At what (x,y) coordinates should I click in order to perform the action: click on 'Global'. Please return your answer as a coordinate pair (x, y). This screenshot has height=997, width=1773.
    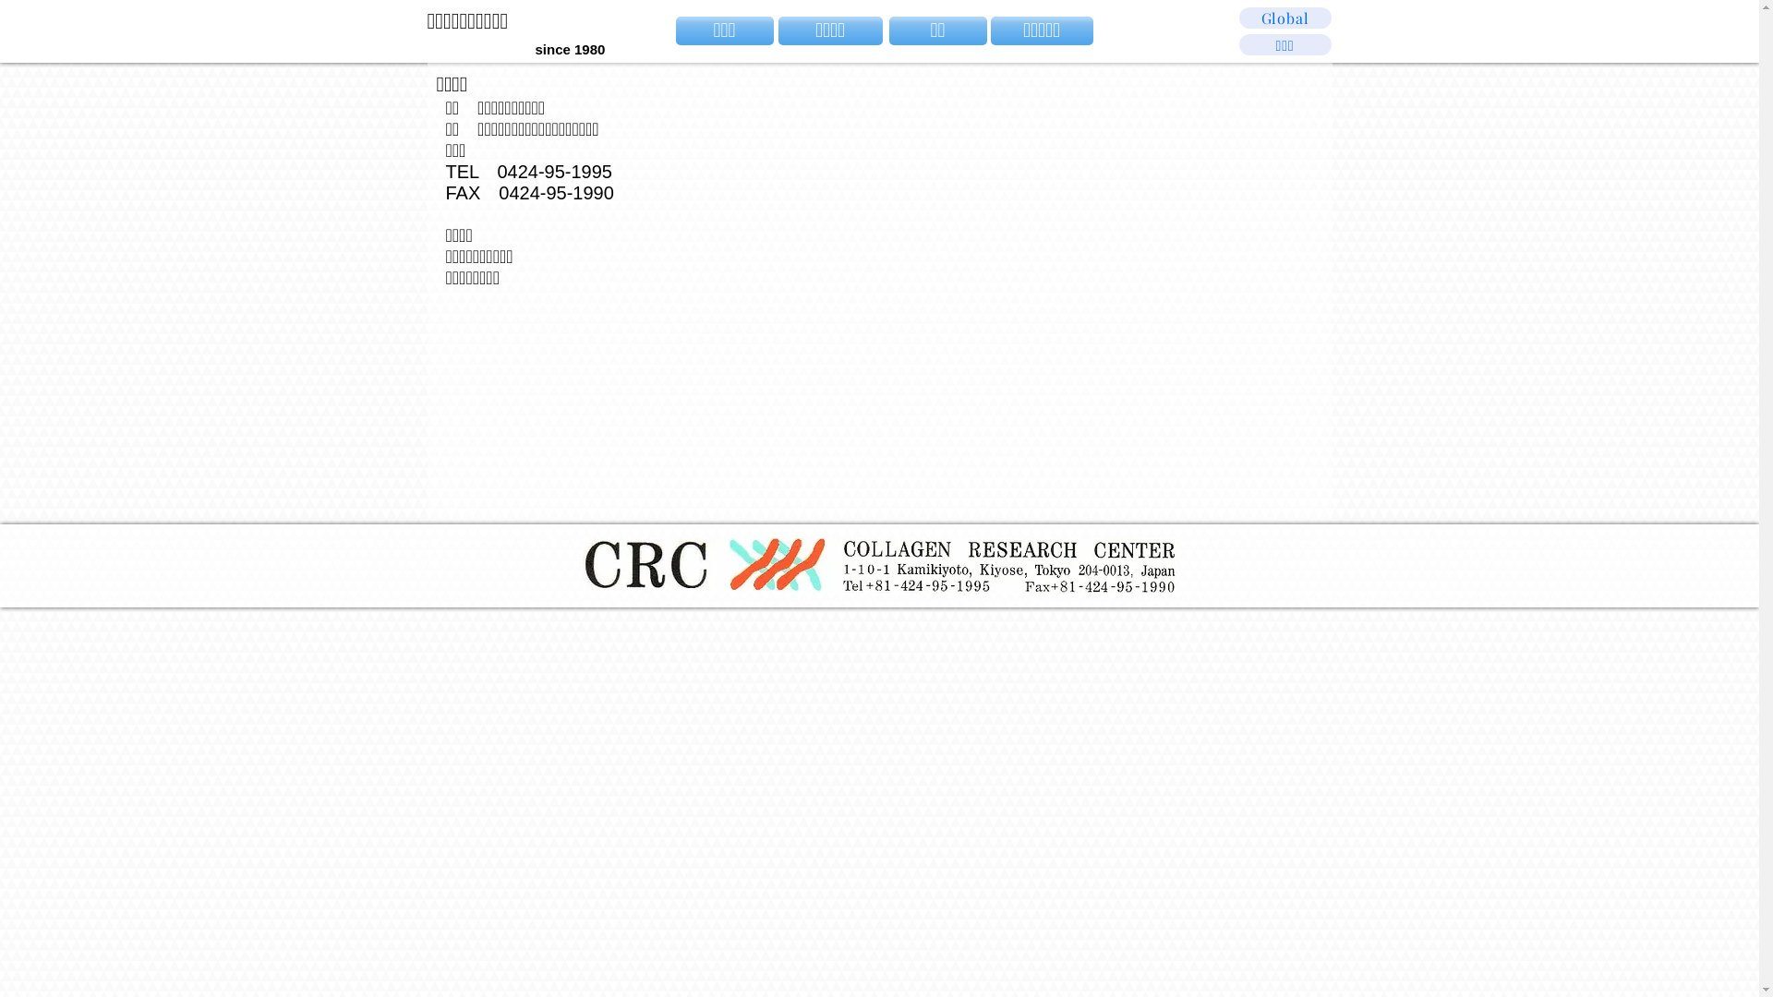
    Looking at the image, I should click on (1285, 18).